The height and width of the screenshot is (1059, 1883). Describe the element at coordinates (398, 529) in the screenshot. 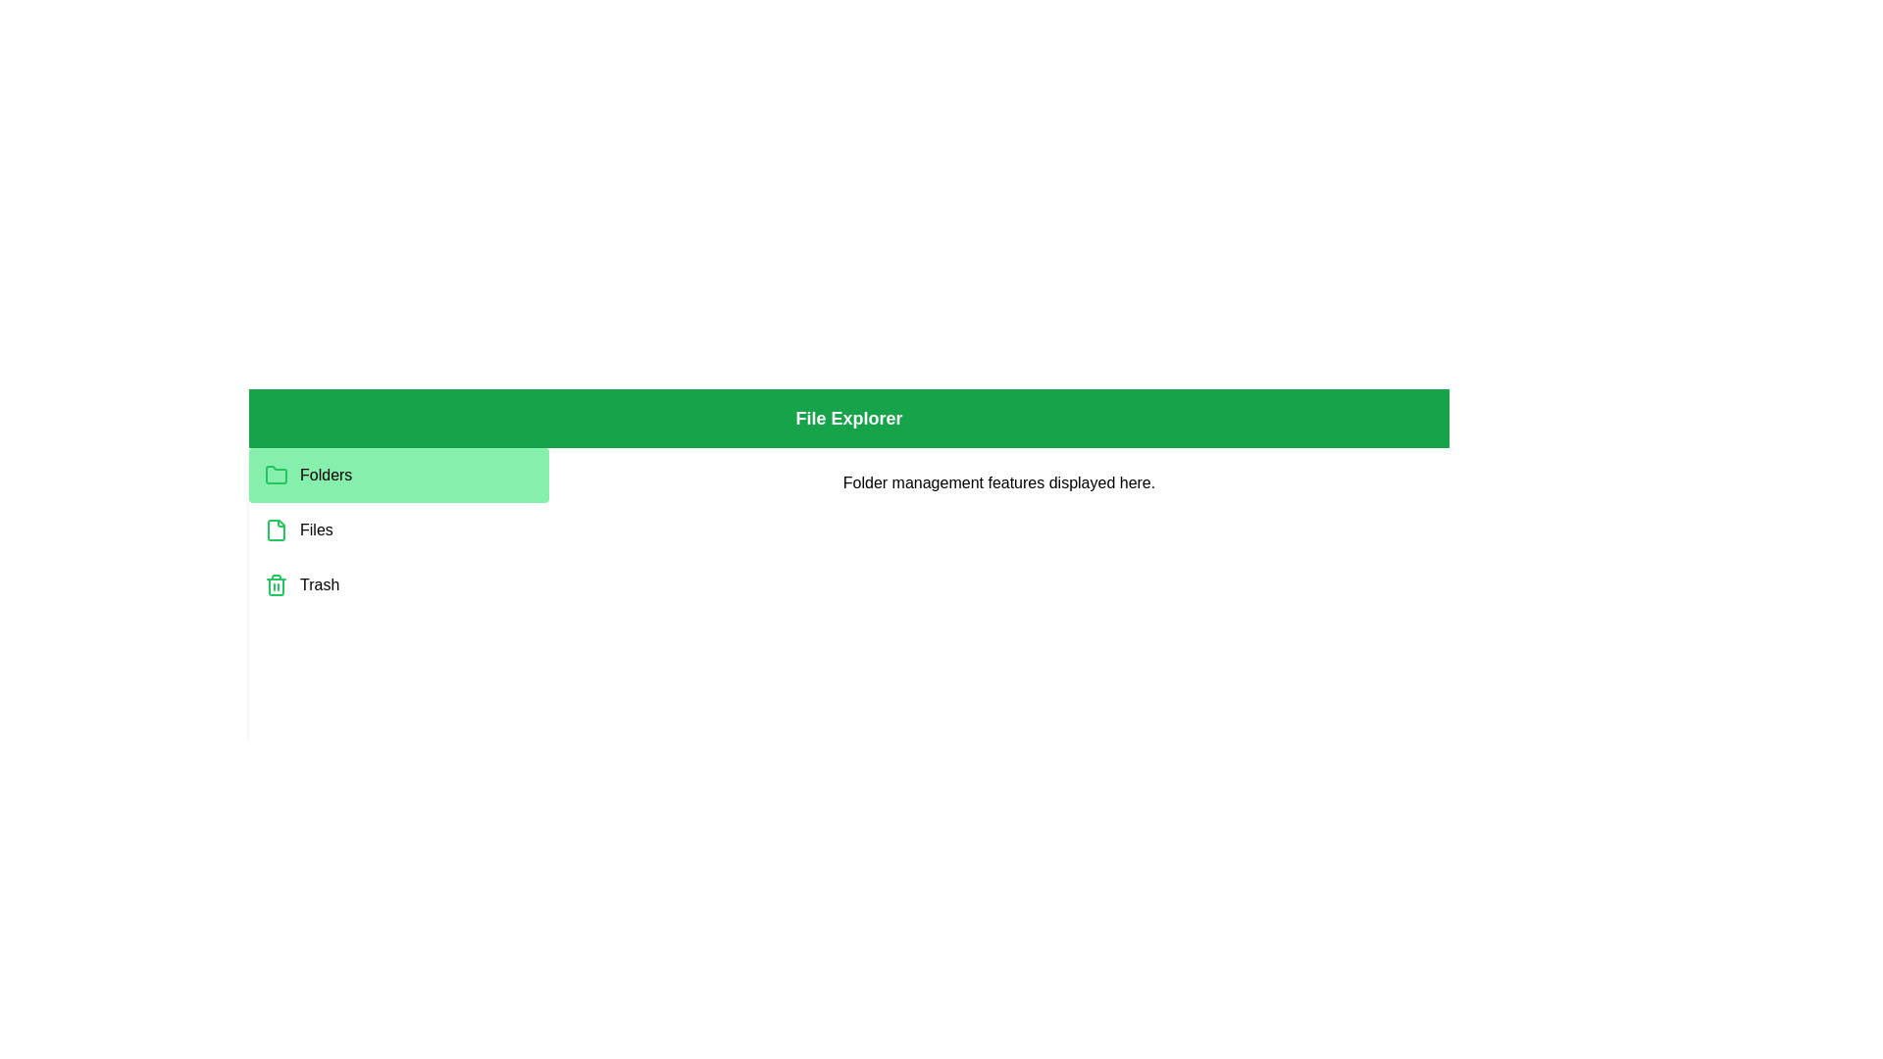

I see `the Files menu by clicking on its corresponding menu item` at that location.